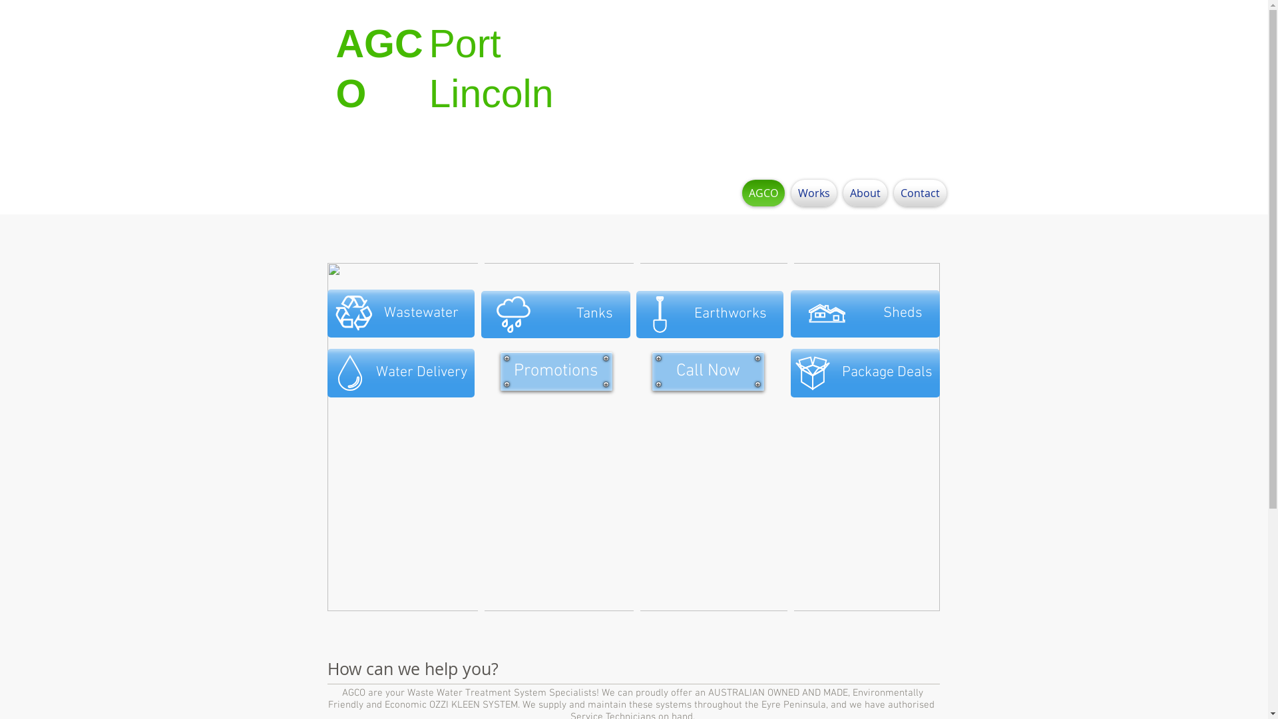 Image resolution: width=1278 pixels, height=719 pixels. I want to click on 'Port Lincoln', so click(490, 69).